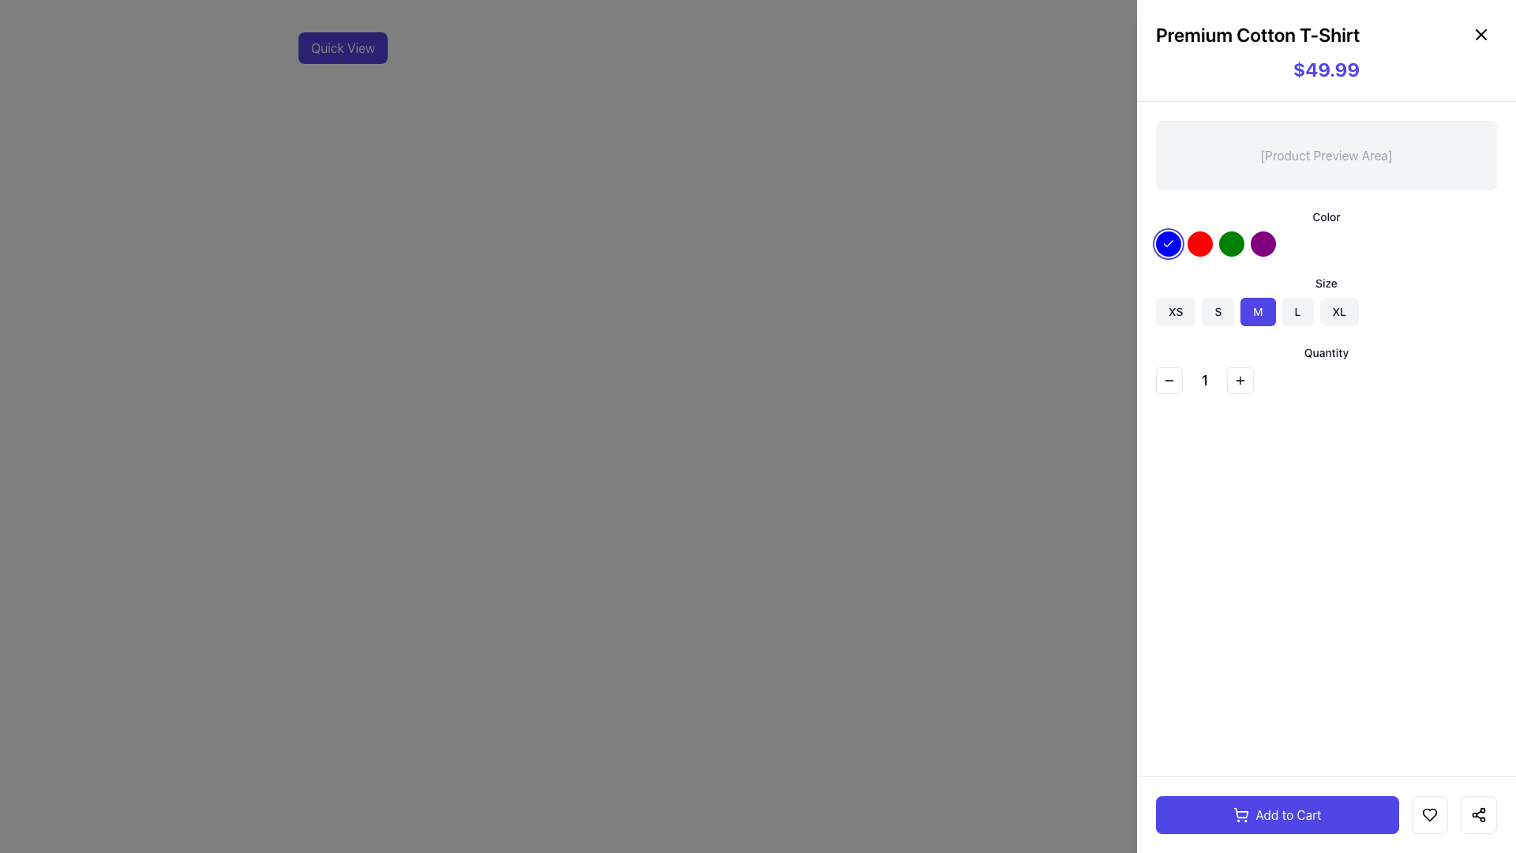  What do you see at coordinates (1326, 282) in the screenshot?
I see `the text label reading 'Size' located in the right panel above the size selection buttons` at bounding box center [1326, 282].